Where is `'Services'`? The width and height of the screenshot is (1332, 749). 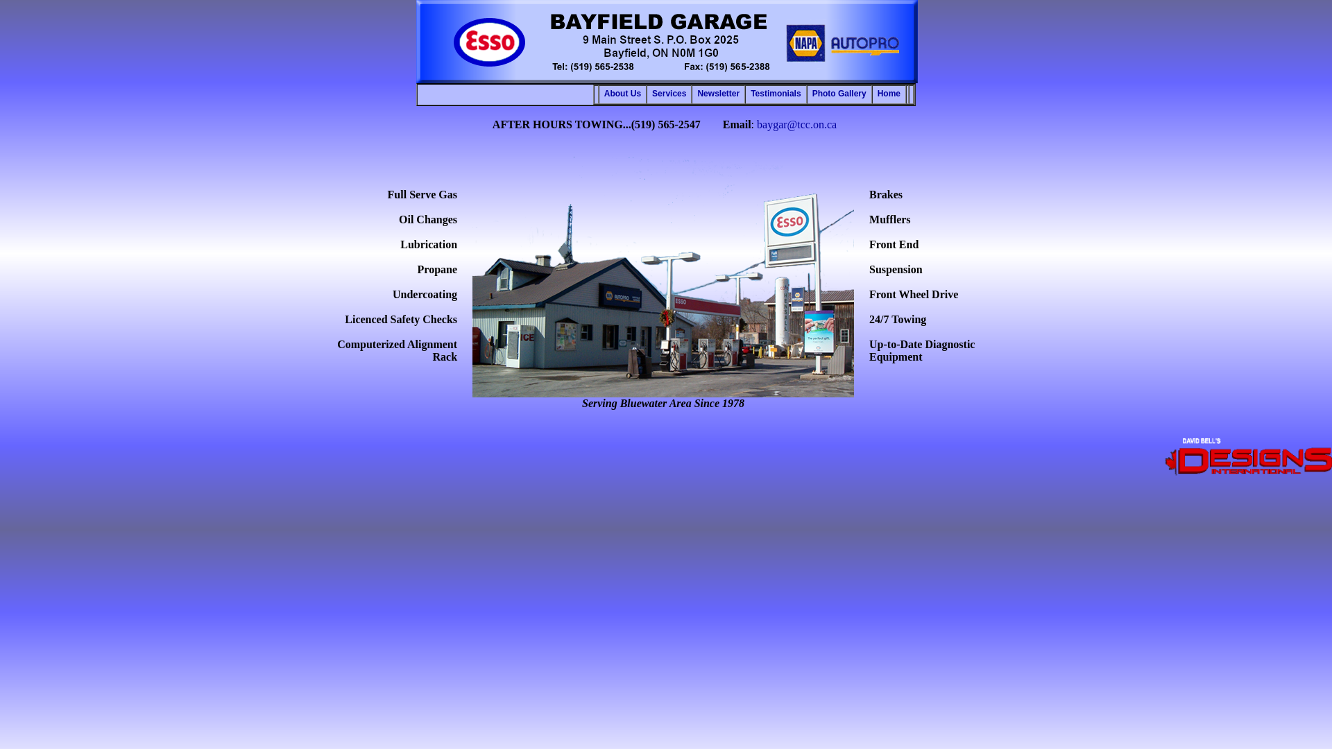
'Services' is located at coordinates (669, 94).